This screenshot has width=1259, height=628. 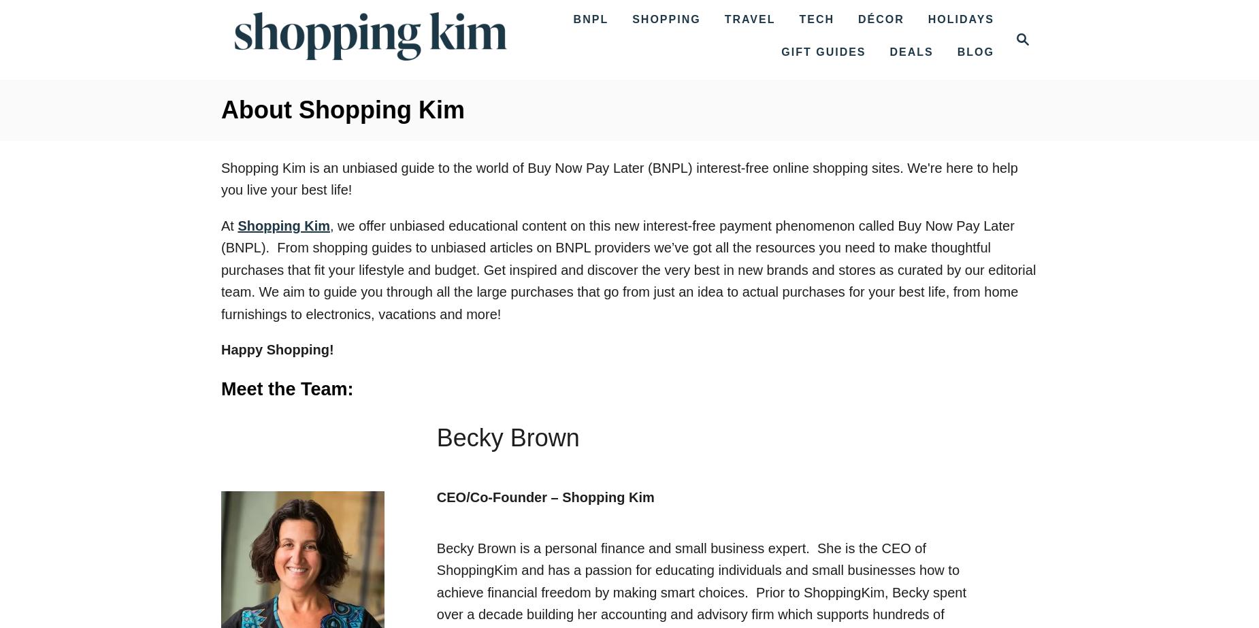 I want to click on 'Deals', so click(x=911, y=52).